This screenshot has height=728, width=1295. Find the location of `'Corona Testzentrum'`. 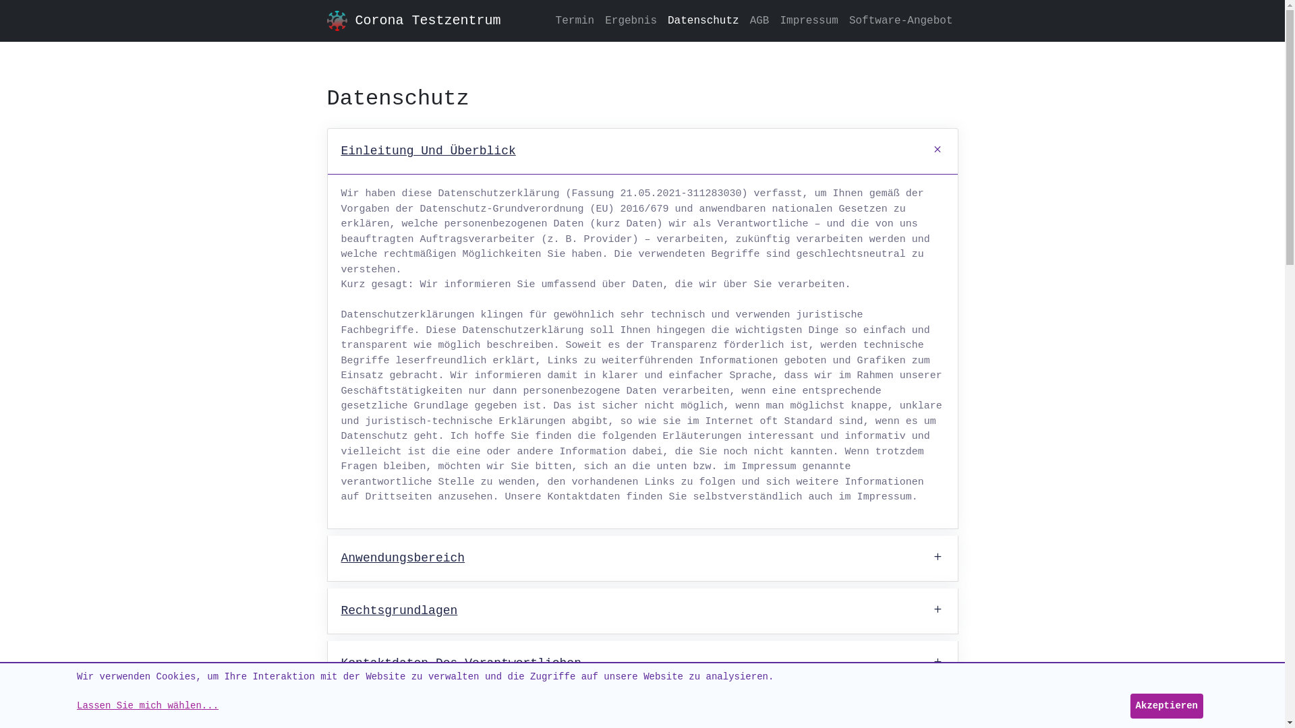

'Corona Testzentrum' is located at coordinates (426, 20).